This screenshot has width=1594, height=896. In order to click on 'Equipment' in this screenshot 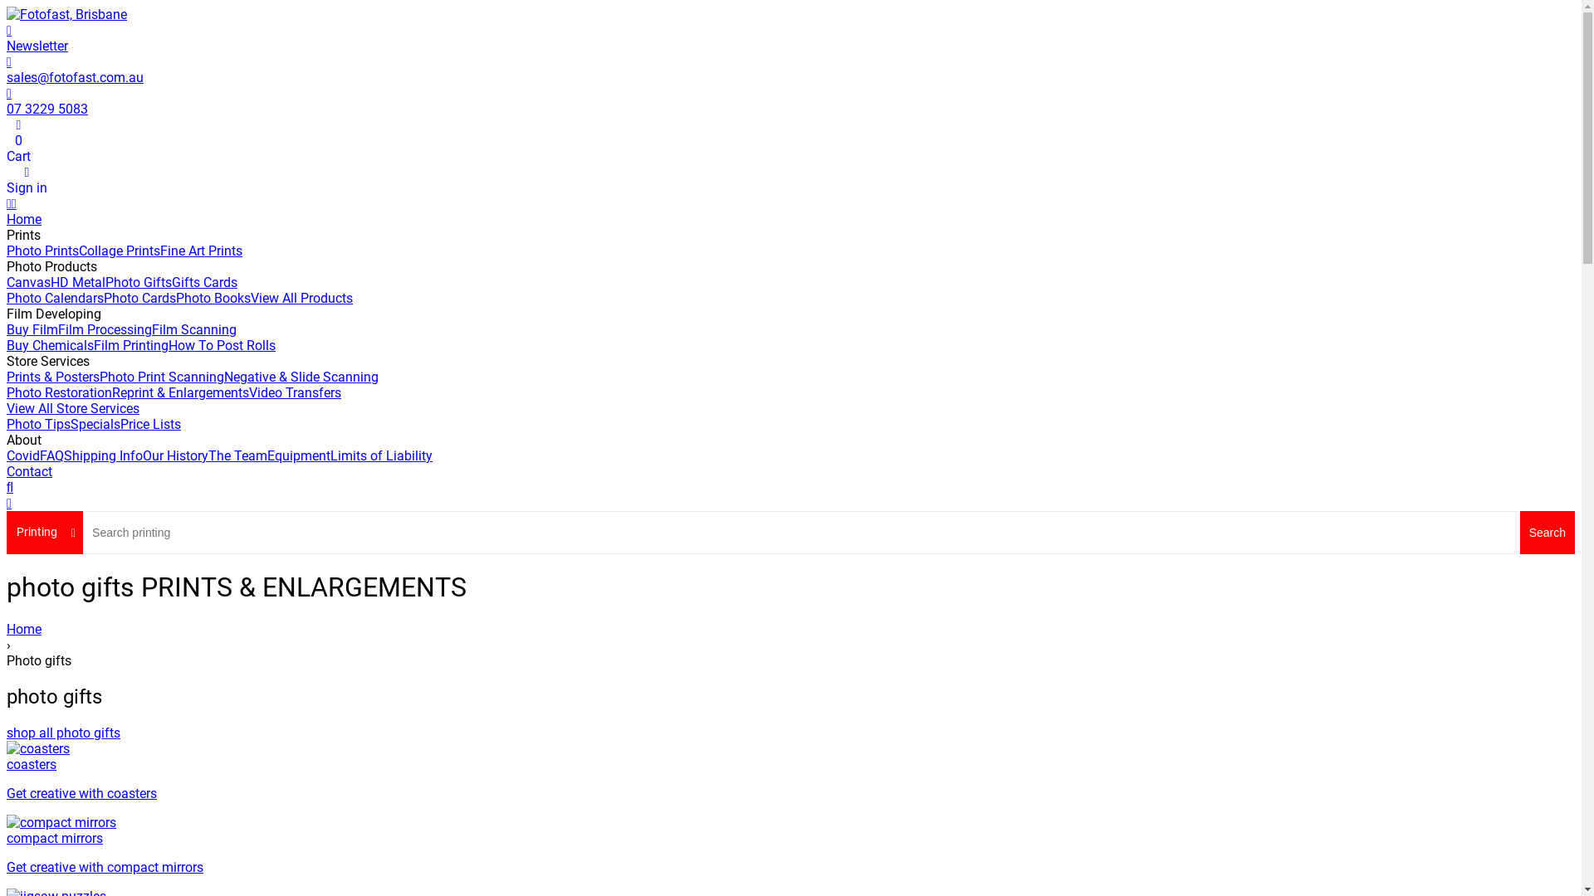, I will do `click(266, 455)`.